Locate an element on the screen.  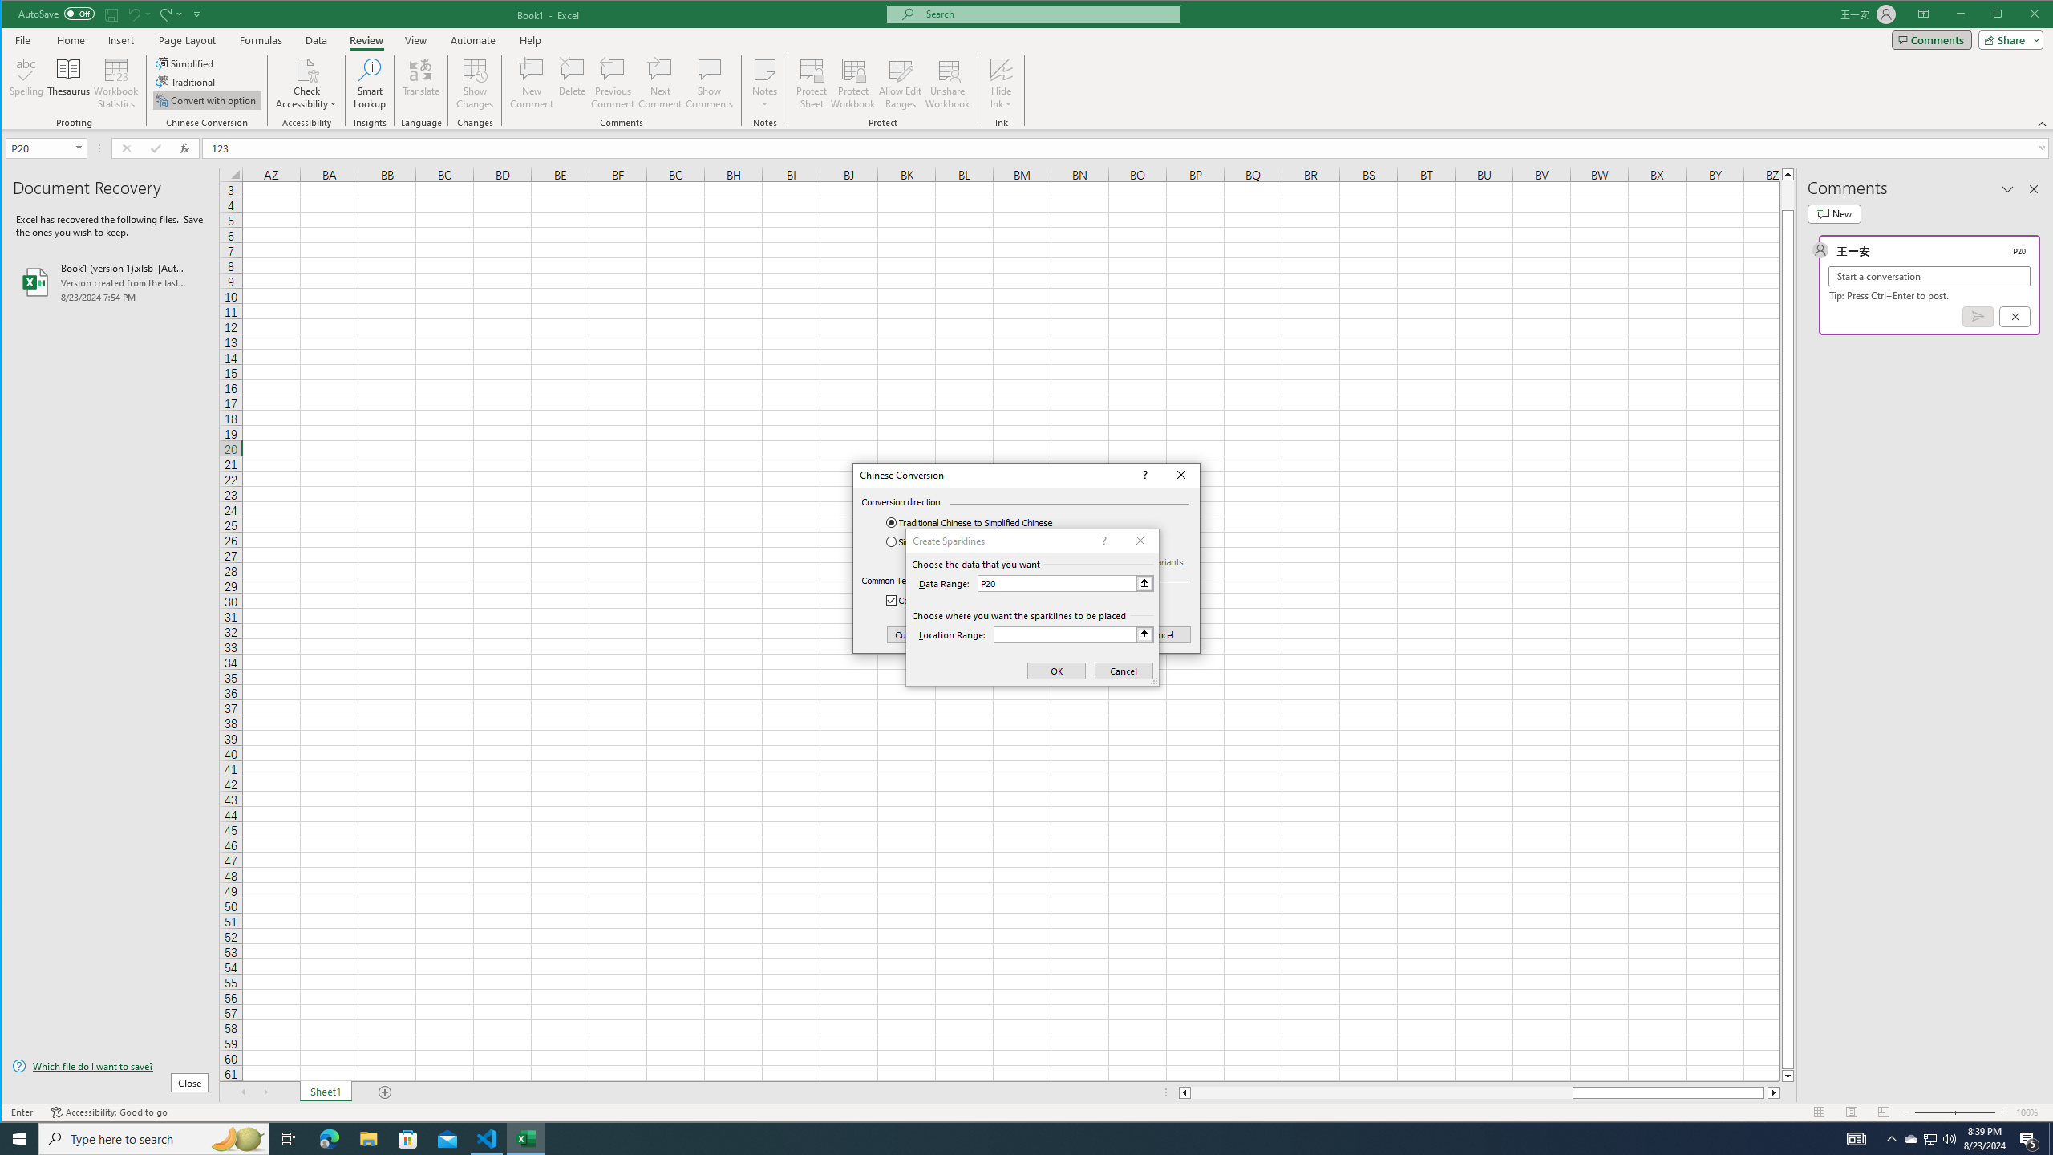
'Custom Dictionary ...' is located at coordinates (936, 635).